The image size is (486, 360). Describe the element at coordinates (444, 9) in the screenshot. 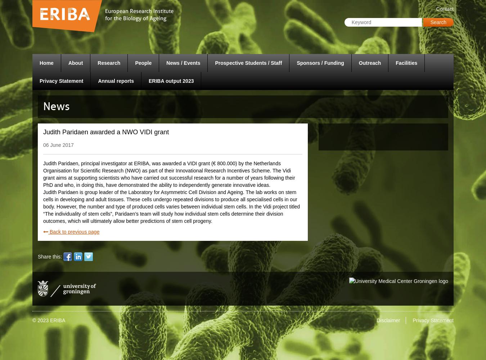

I see `'Contact'` at that location.